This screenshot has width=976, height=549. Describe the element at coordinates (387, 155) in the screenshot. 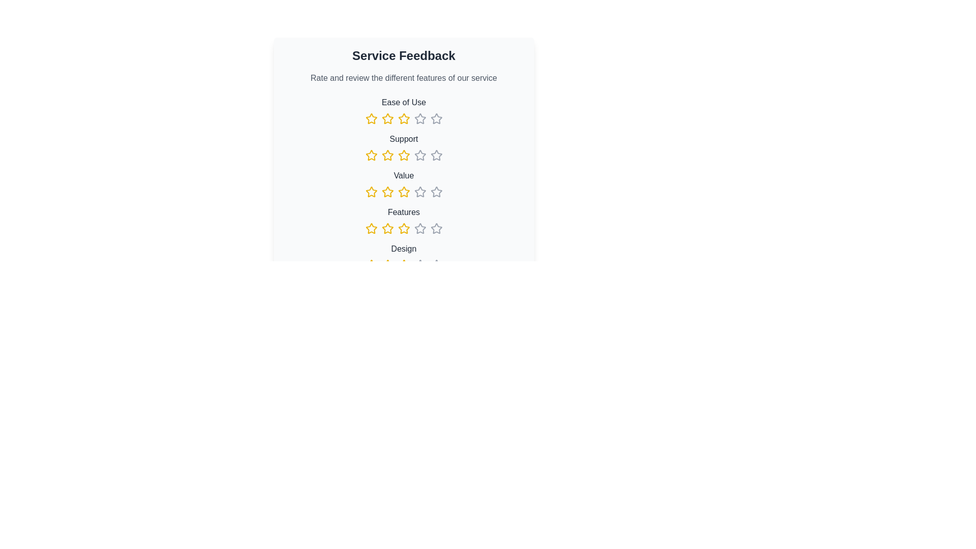

I see `the clickable star icon used for ratings` at that location.